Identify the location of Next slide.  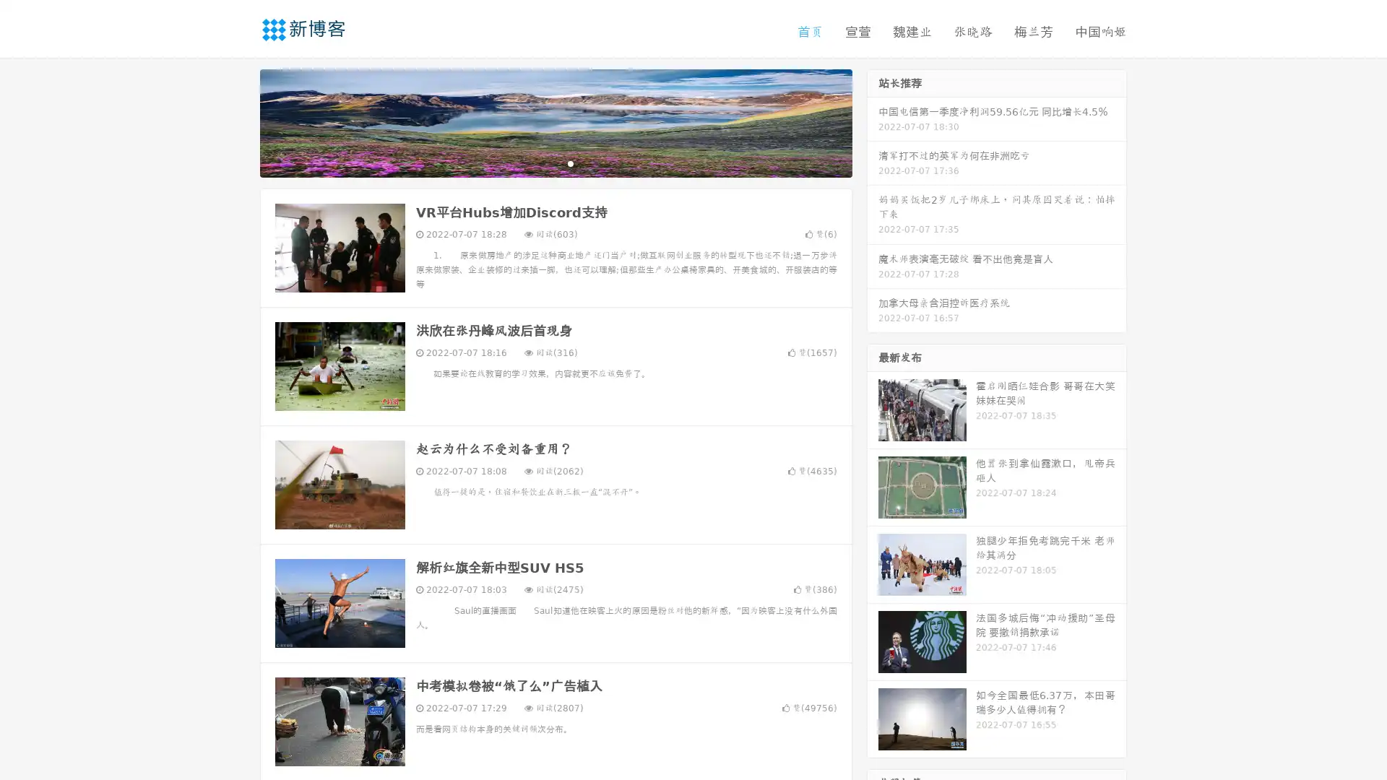
(873, 121).